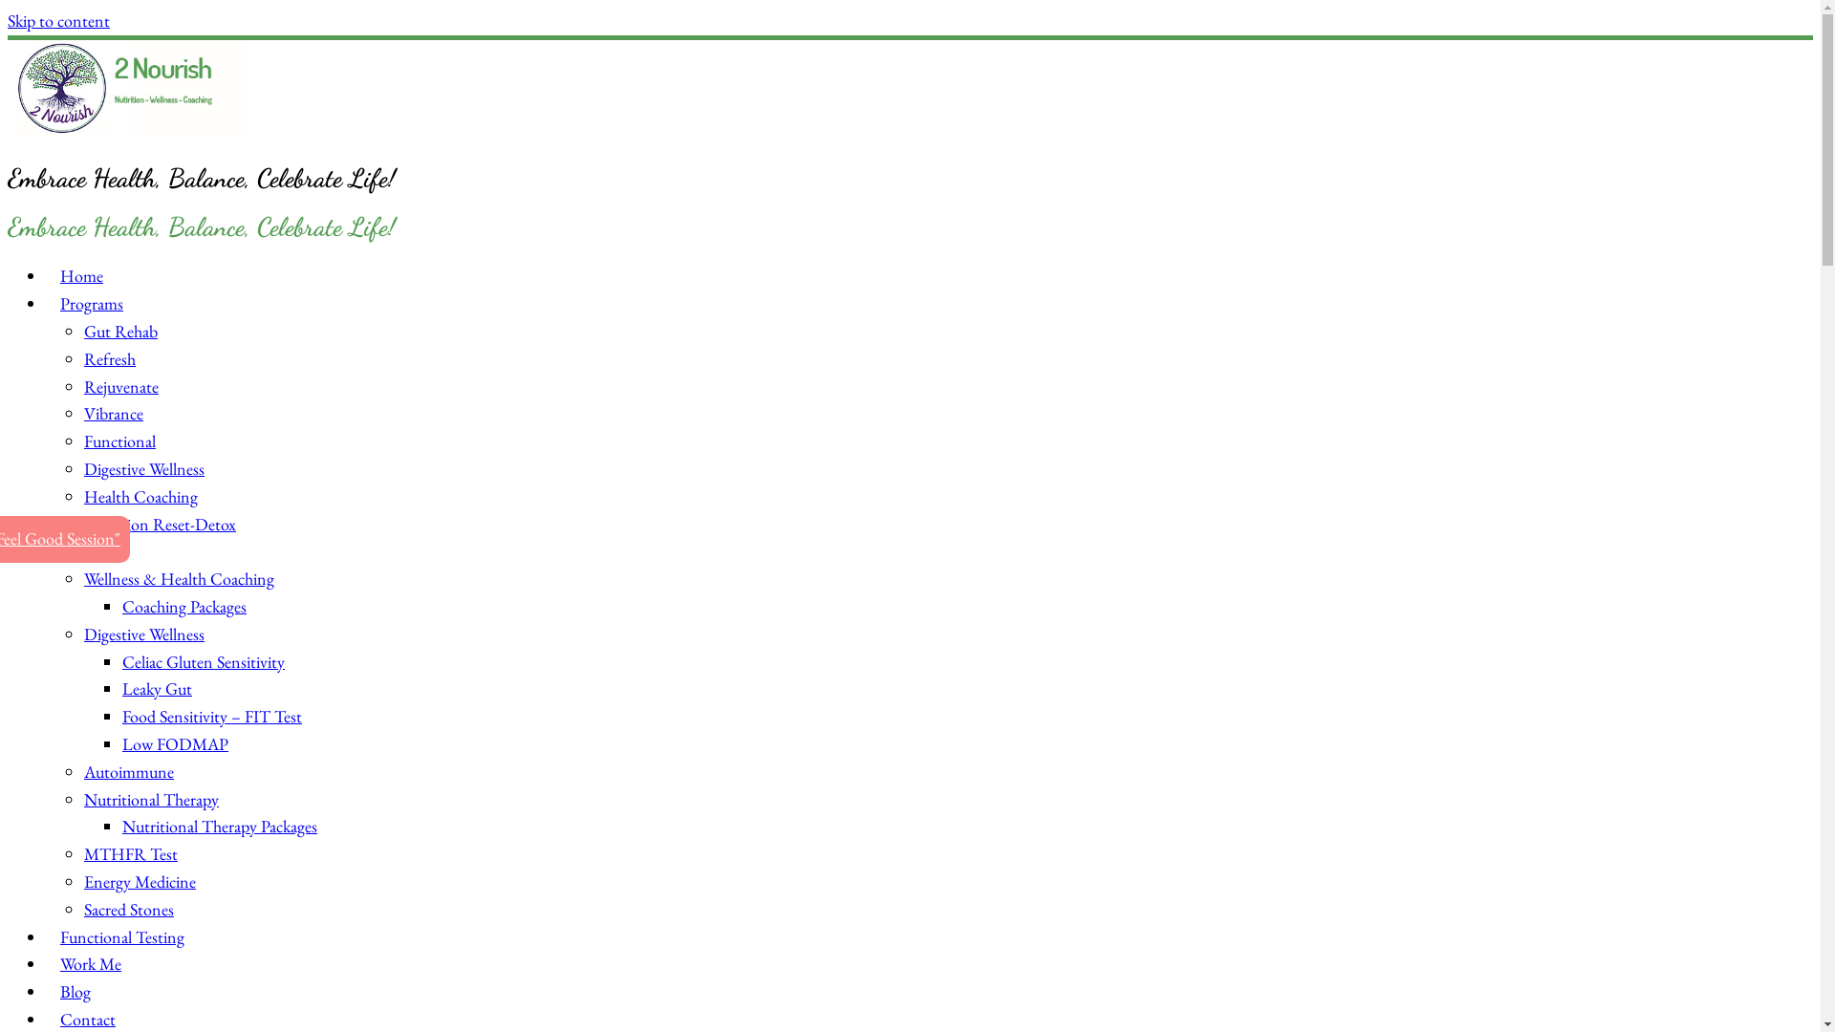  What do you see at coordinates (82, 908) in the screenshot?
I see `'Sacred Stones'` at bounding box center [82, 908].